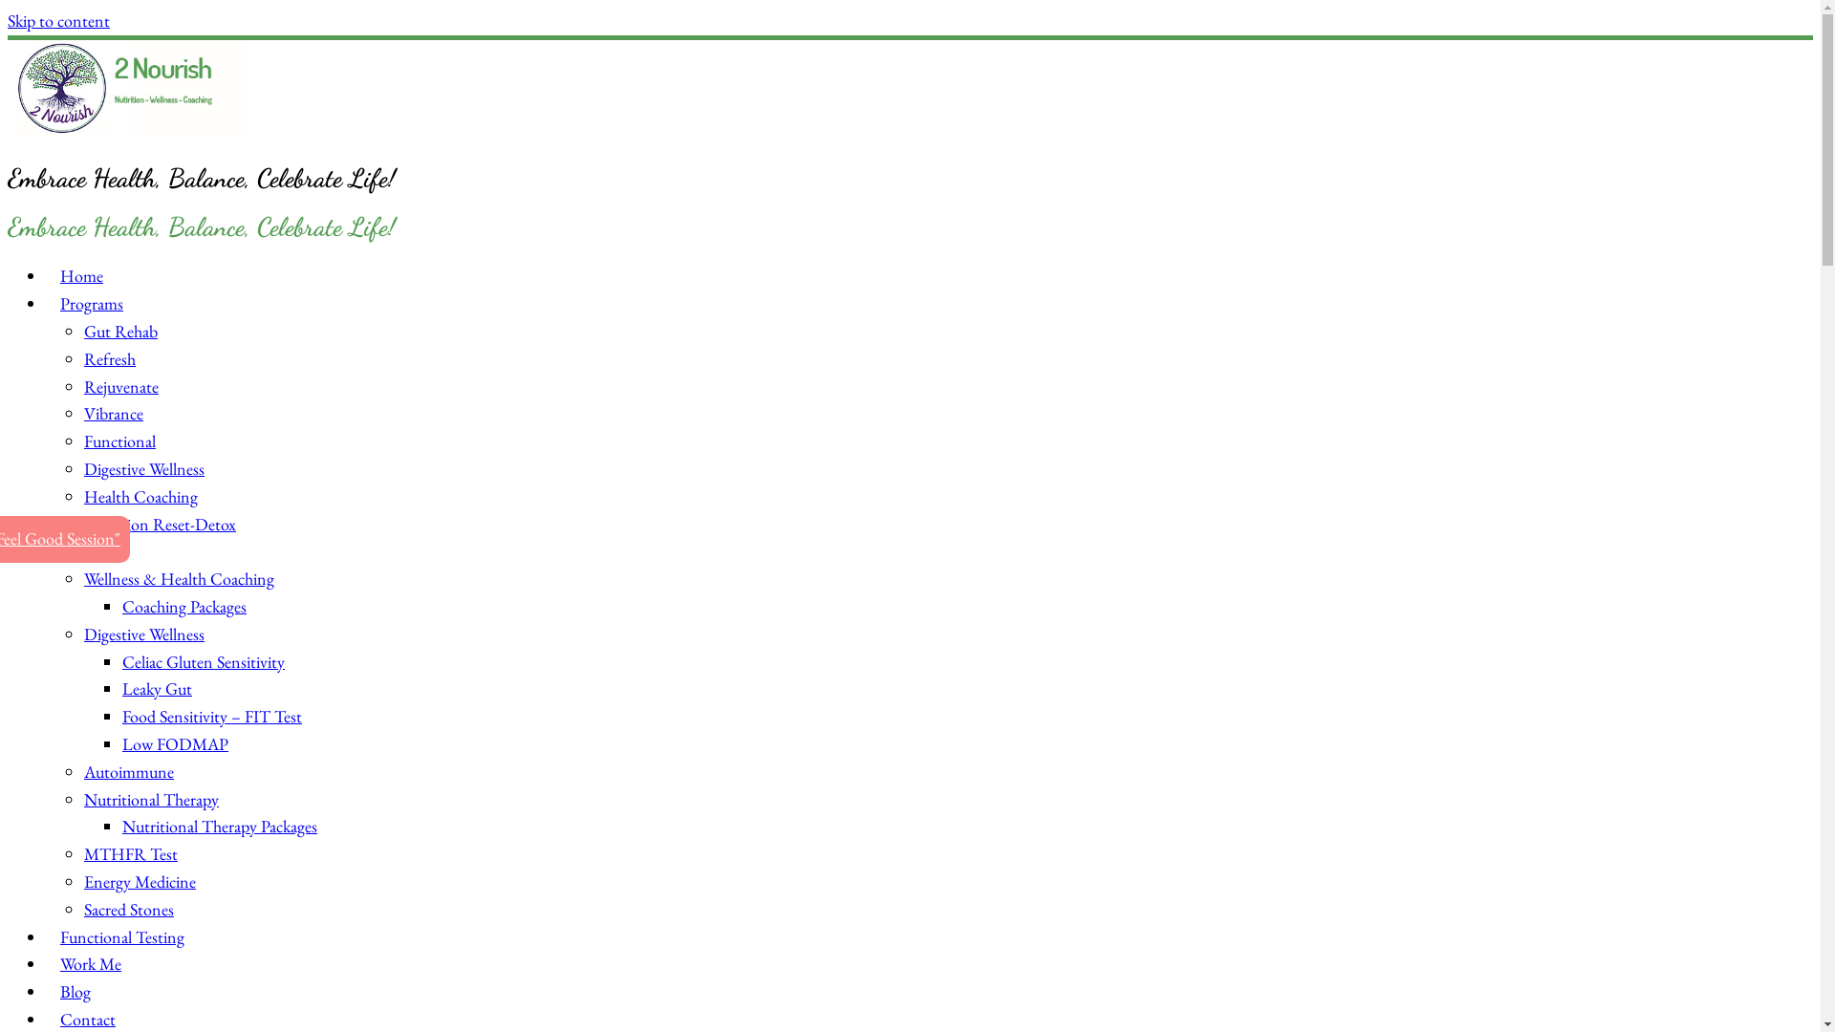  What do you see at coordinates (82, 908) in the screenshot?
I see `'Sacred Stones'` at bounding box center [82, 908].